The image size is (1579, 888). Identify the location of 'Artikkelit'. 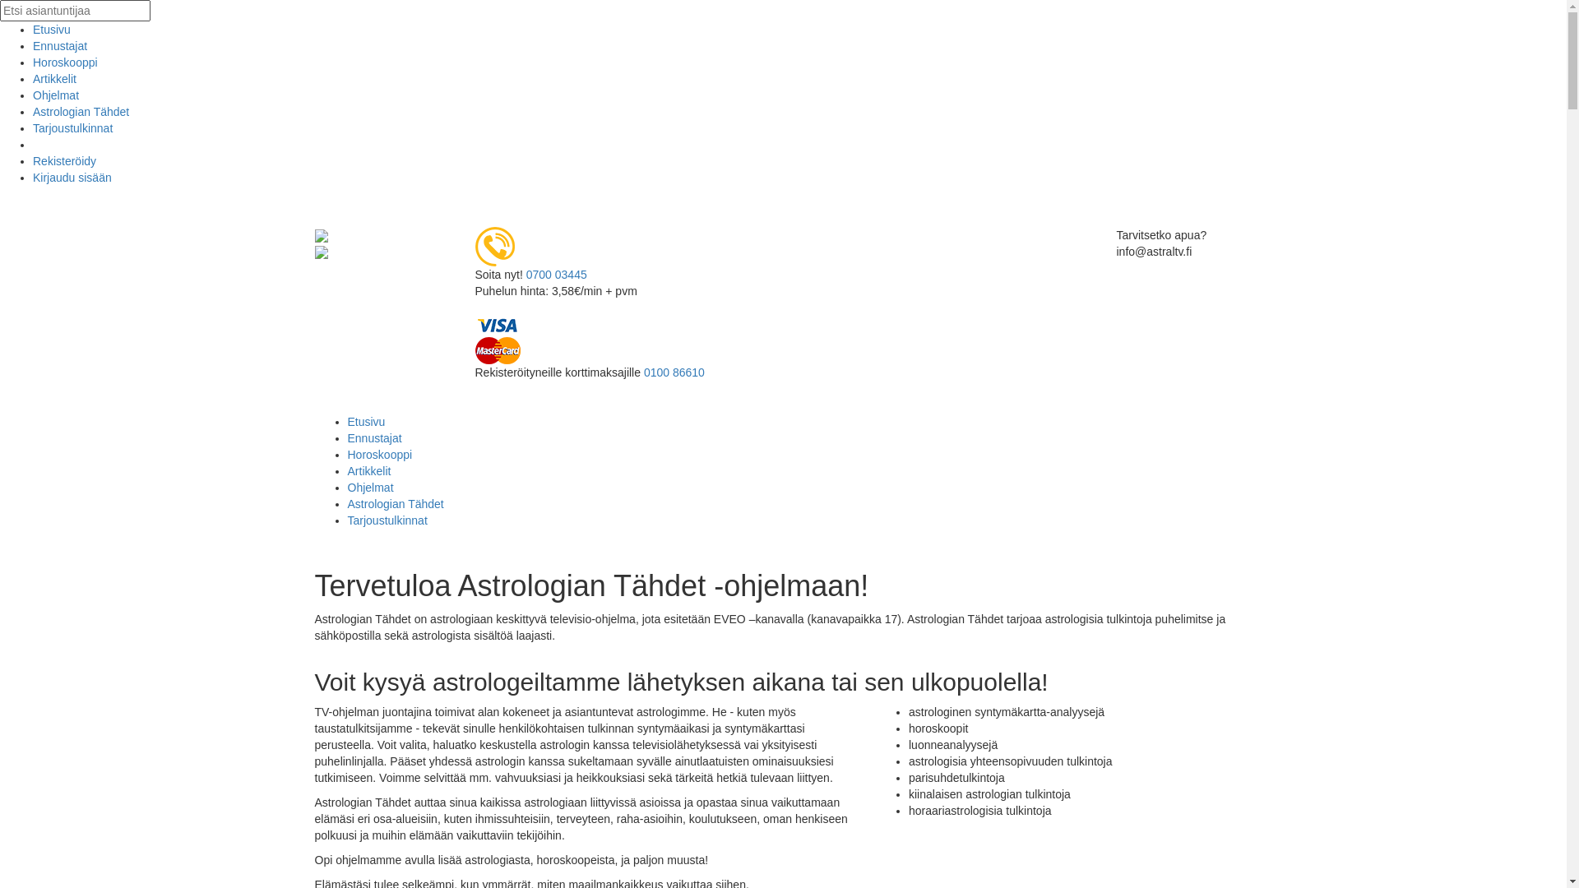
(32, 79).